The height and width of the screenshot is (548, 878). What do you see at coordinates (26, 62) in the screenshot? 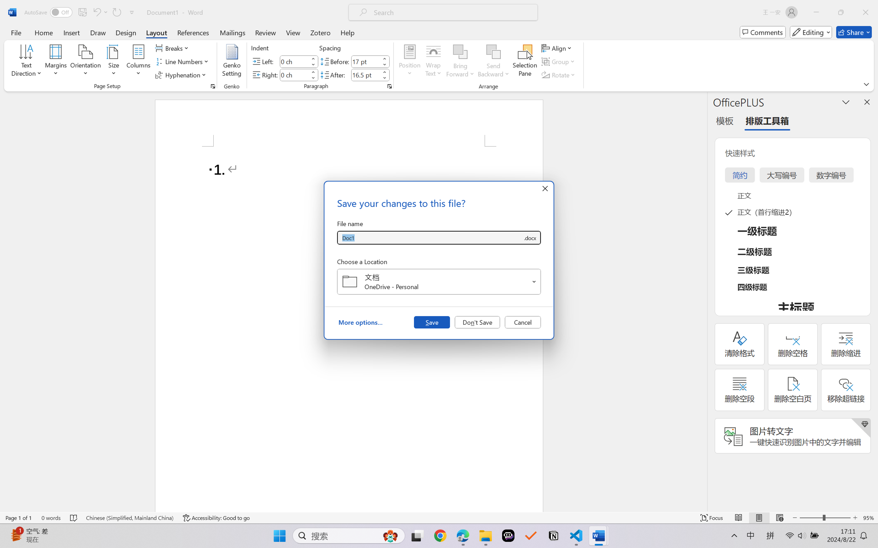
I see `'Text Direction'` at bounding box center [26, 62].